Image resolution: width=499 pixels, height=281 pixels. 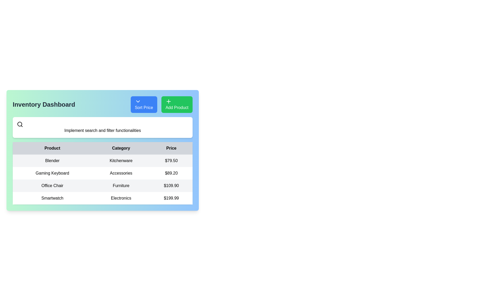 I want to click on displayed text 'Furniture' from the text label which is centrally aligned in a light gray rectangular background, so click(x=121, y=185).